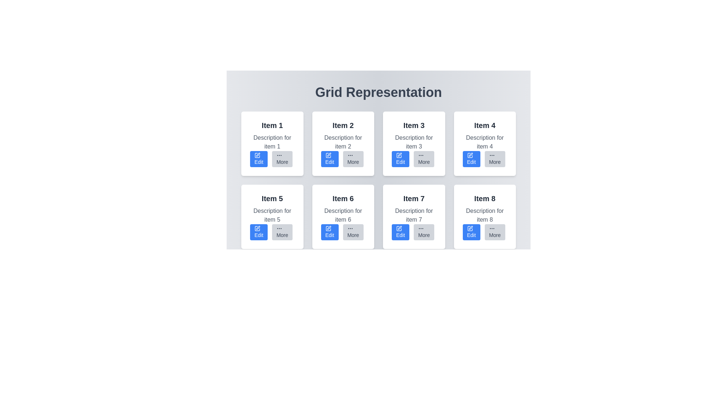 This screenshot has height=395, width=703. What do you see at coordinates (258, 154) in the screenshot?
I see `the pen icon located in the 'Edit' button of the top-left card labeled 'Item 1'` at bounding box center [258, 154].